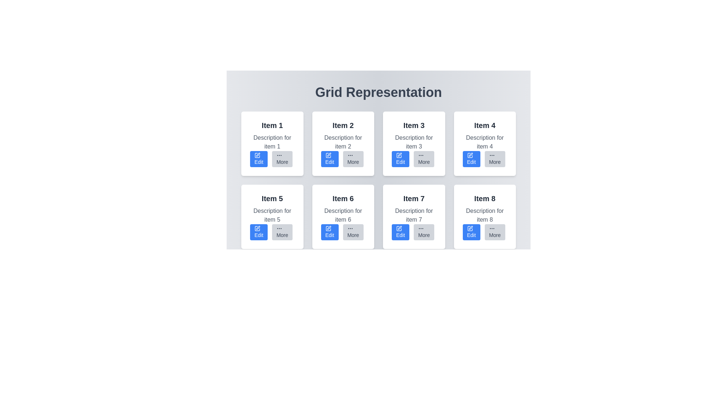 This screenshot has height=395, width=703. What do you see at coordinates (258, 154) in the screenshot?
I see `the pen icon located in the 'Edit' button of the top-left card labeled 'Item 1'` at bounding box center [258, 154].